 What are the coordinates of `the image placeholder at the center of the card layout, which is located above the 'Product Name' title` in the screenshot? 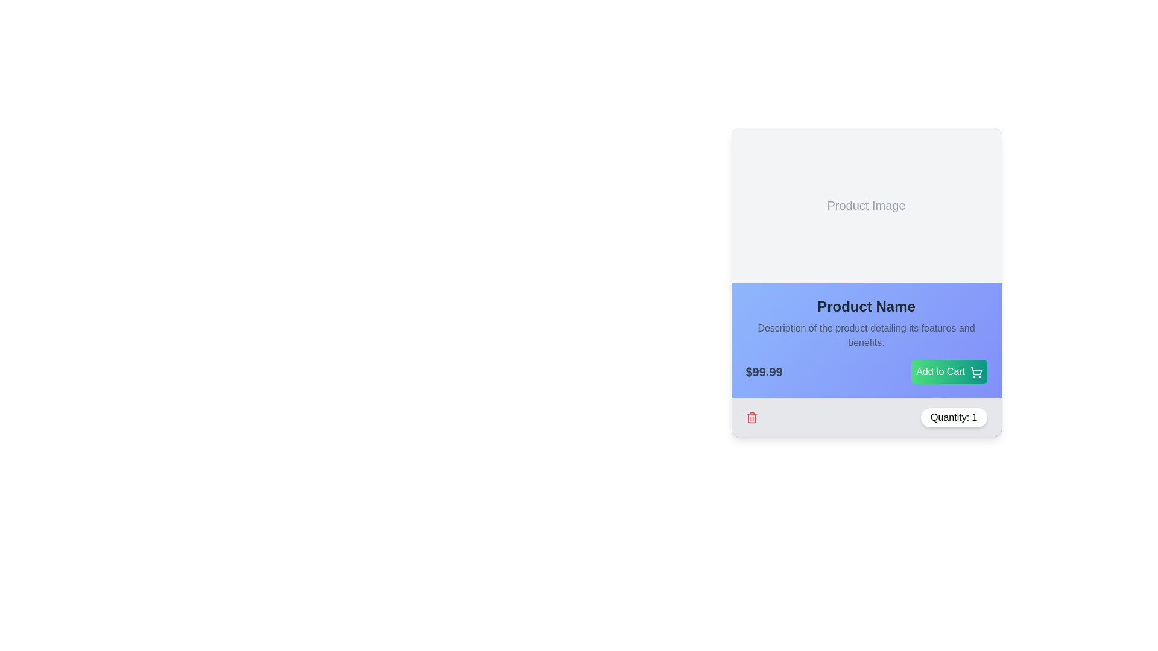 It's located at (865, 204).